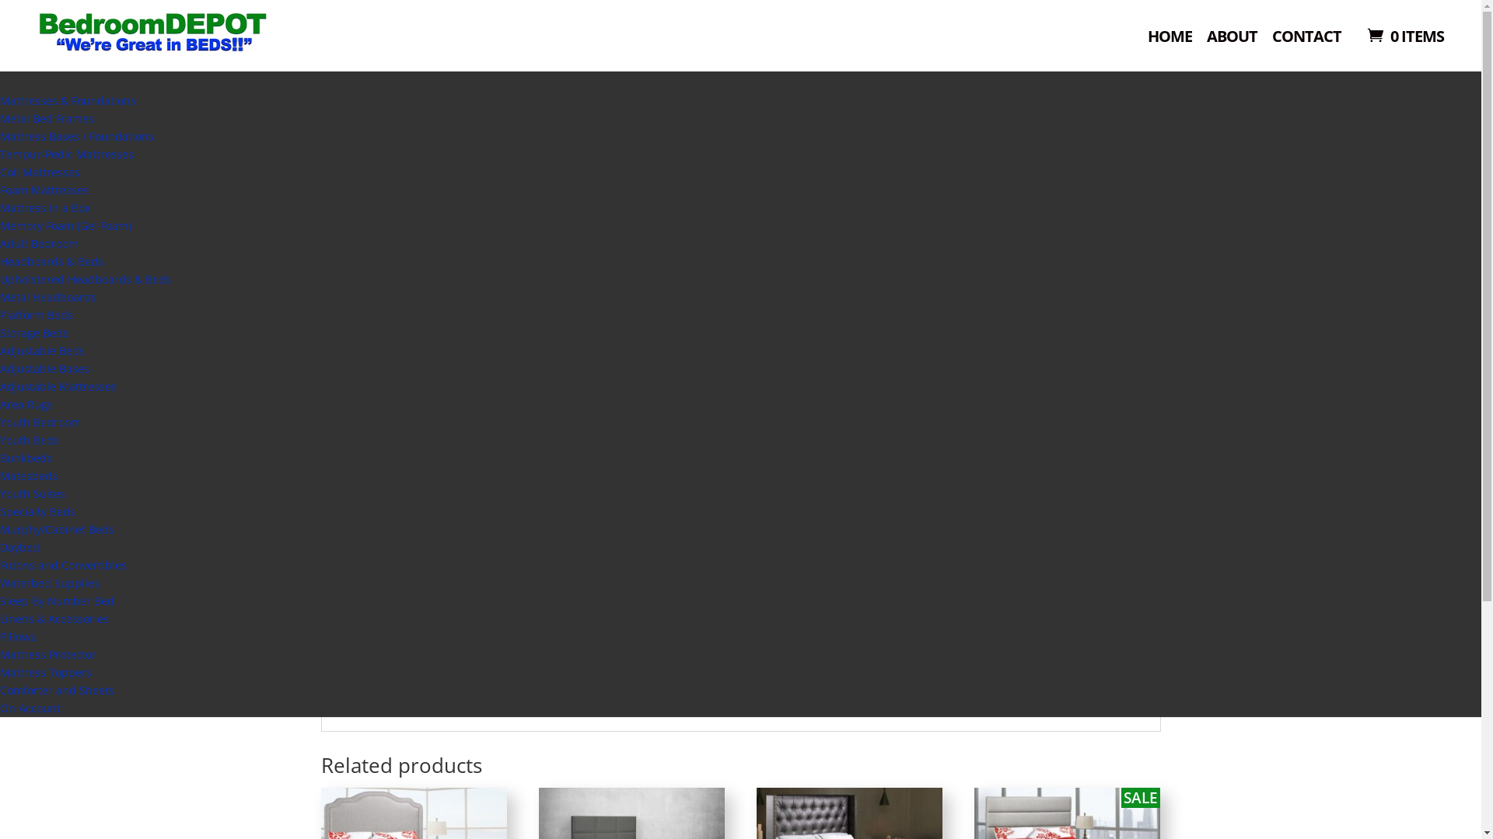  I want to click on 'Youth Bedroom', so click(40, 422).